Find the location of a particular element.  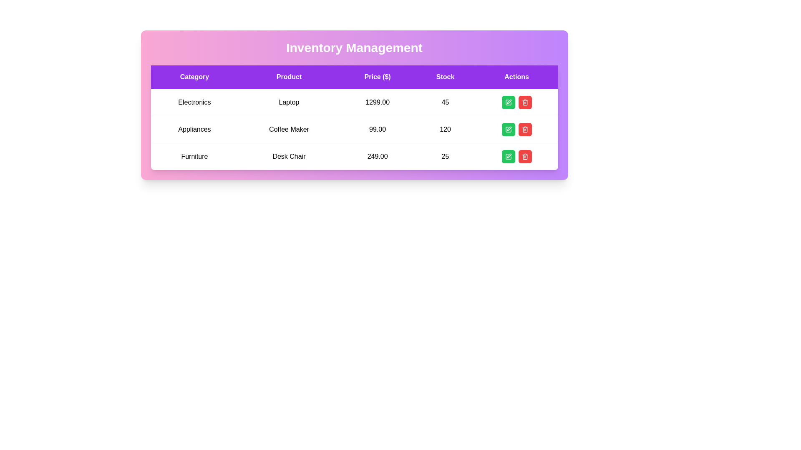

text label displaying 'Furniture' located in the leftmost column of the third row of the table is located at coordinates (194, 156).